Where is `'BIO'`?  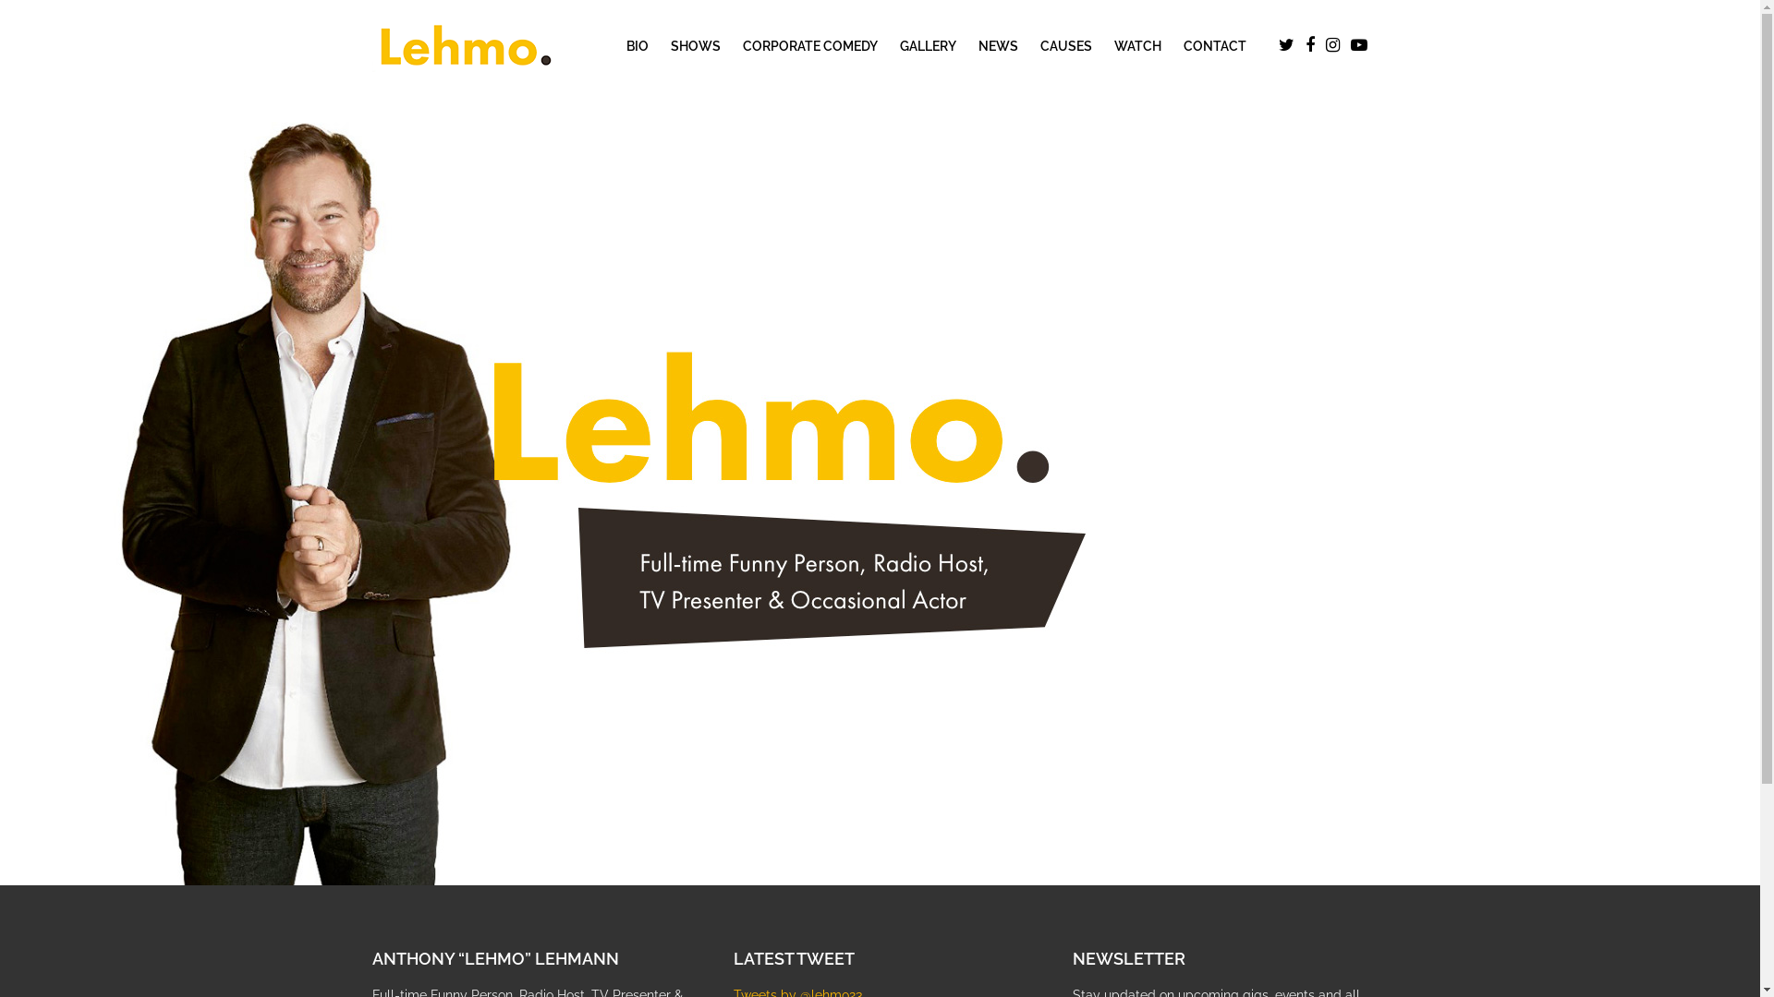 'BIO' is located at coordinates (638, 45).